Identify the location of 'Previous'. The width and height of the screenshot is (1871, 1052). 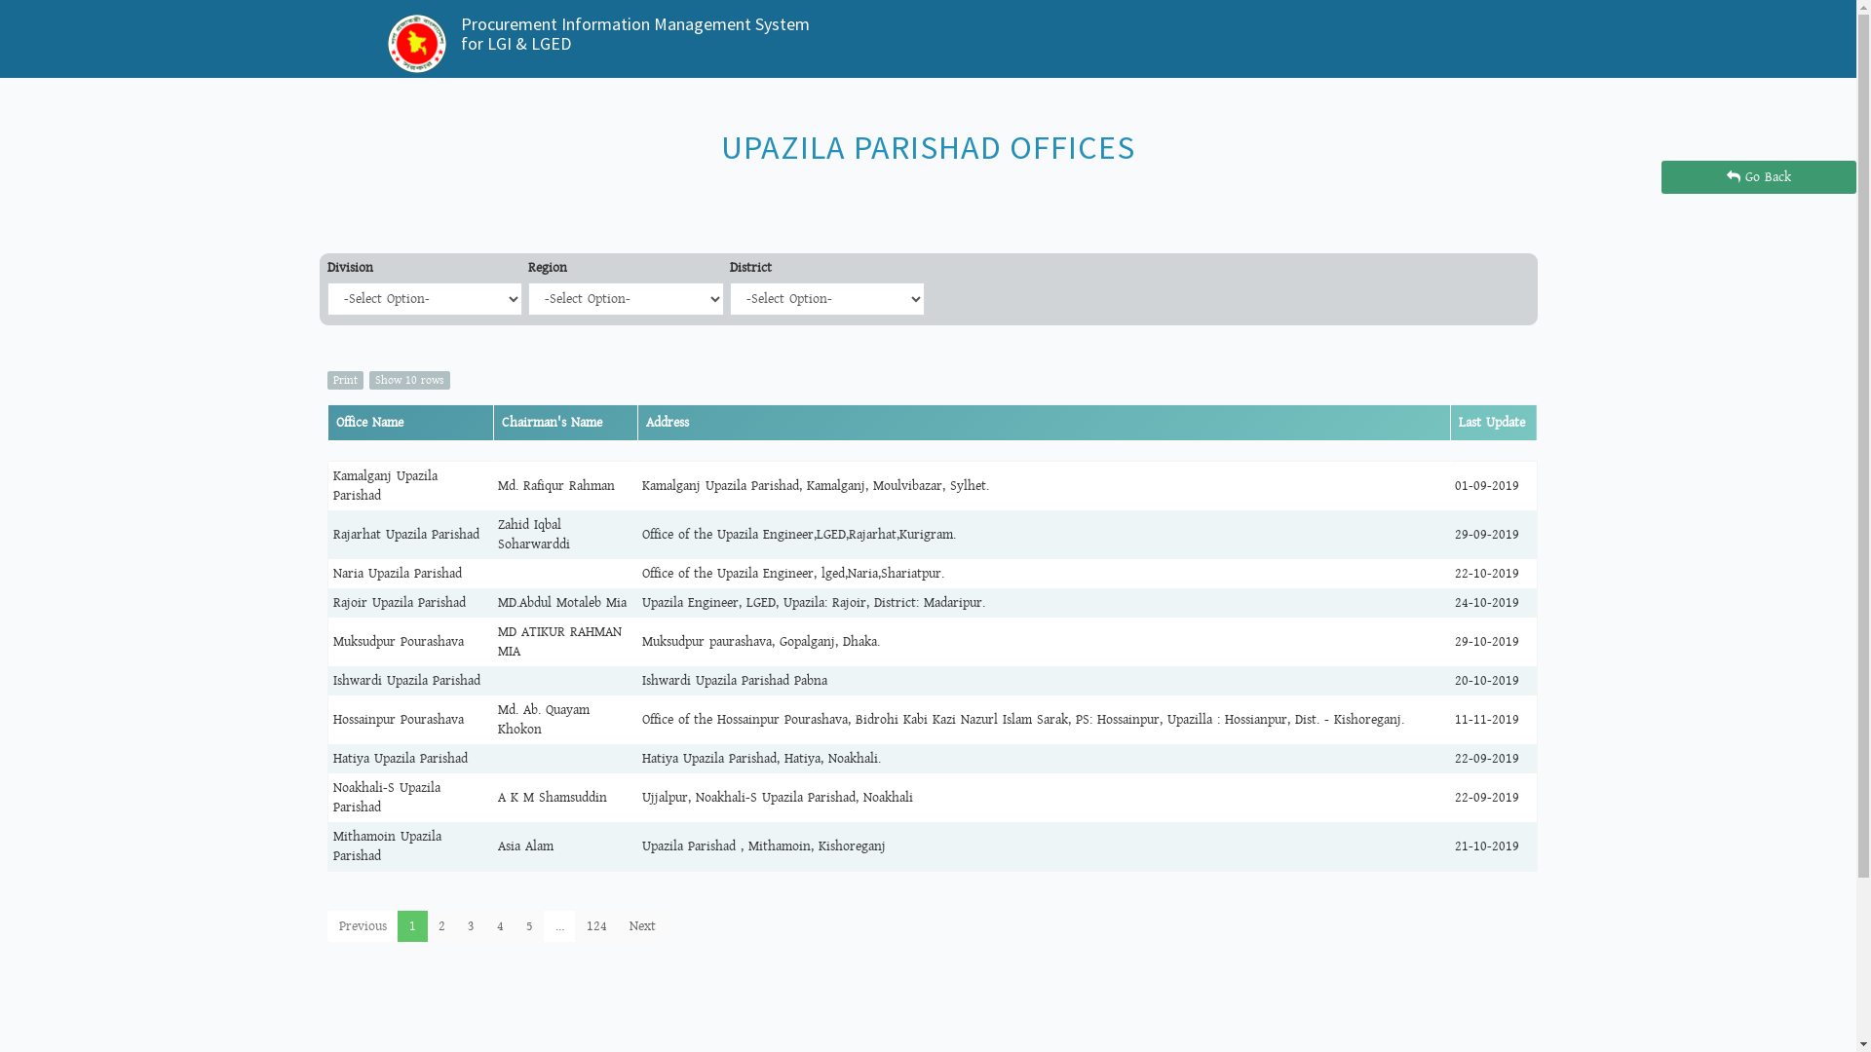
(363, 925).